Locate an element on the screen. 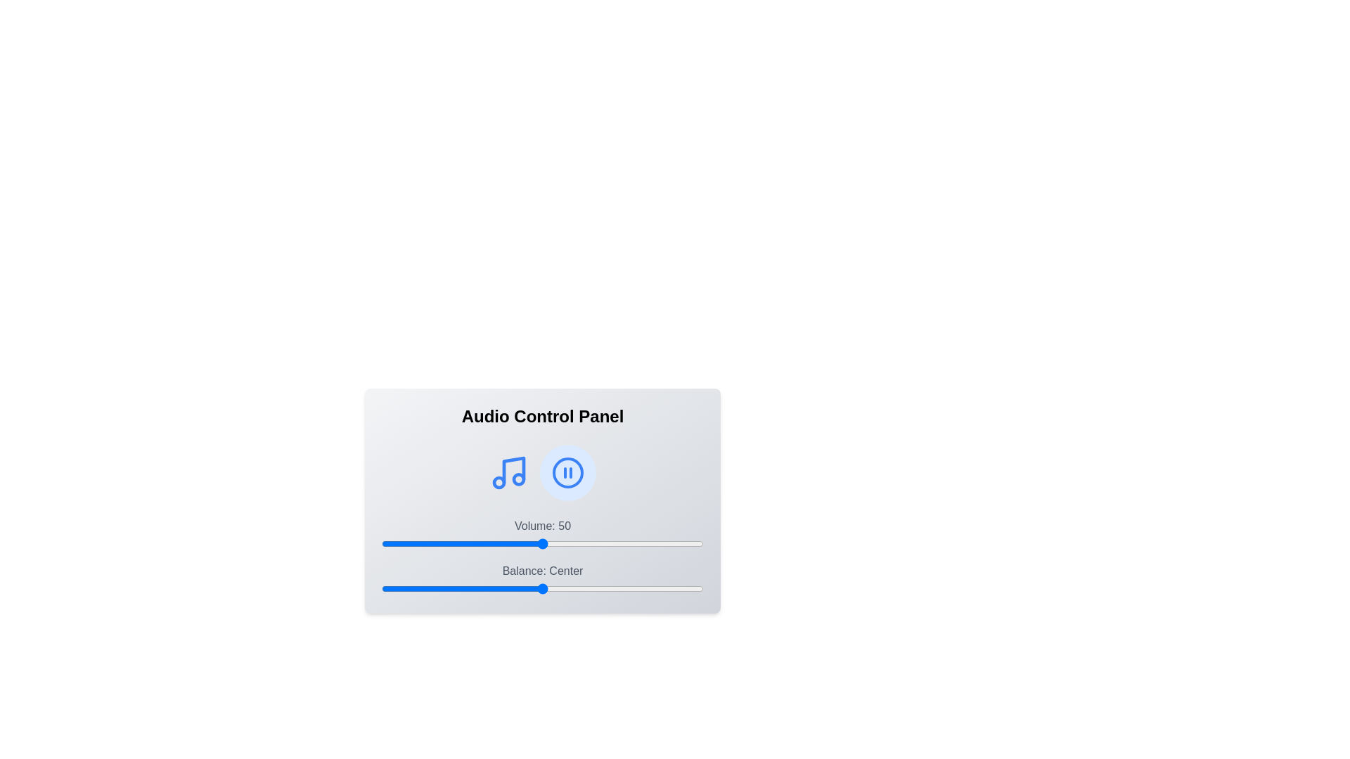 This screenshot has width=1350, height=759. the slider value is located at coordinates (519, 543).